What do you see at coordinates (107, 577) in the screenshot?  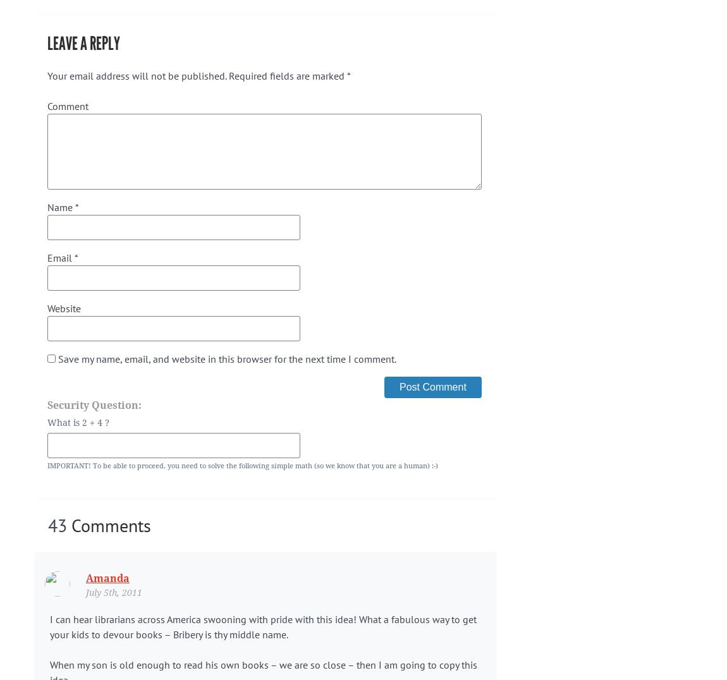 I see `'Amanda'` at bounding box center [107, 577].